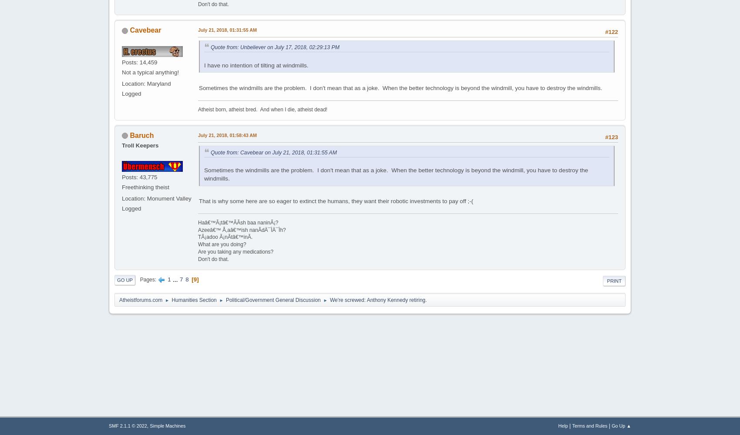  Describe the element at coordinates (225, 237) in the screenshot. I see `'TÃ¡adoo Ã¡nÃ­tâ€™inÃ­.'` at that location.